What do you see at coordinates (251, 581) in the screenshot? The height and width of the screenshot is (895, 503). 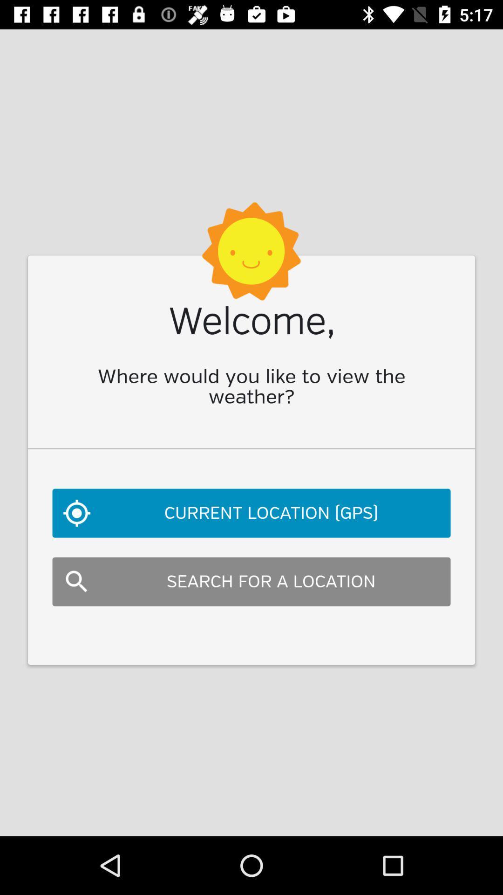 I see `the search for a` at bounding box center [251, 581].